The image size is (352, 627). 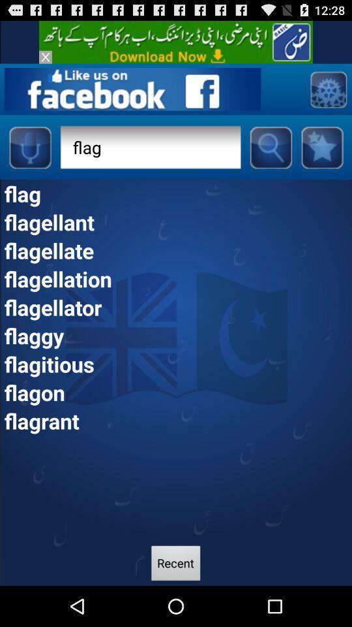 I want to click on setting page, so click(x=327, y=88).